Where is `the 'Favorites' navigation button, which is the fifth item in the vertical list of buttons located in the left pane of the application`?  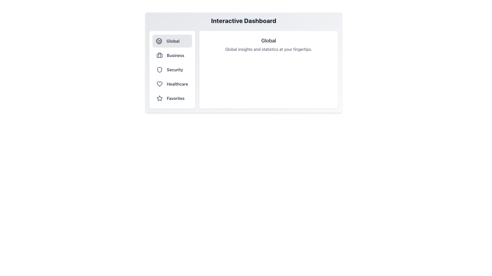 the 'Favorites' navigation button, which is the fifth item in the vertical list of buttons located in the left pane of the application is located at coordinates (172, 98).